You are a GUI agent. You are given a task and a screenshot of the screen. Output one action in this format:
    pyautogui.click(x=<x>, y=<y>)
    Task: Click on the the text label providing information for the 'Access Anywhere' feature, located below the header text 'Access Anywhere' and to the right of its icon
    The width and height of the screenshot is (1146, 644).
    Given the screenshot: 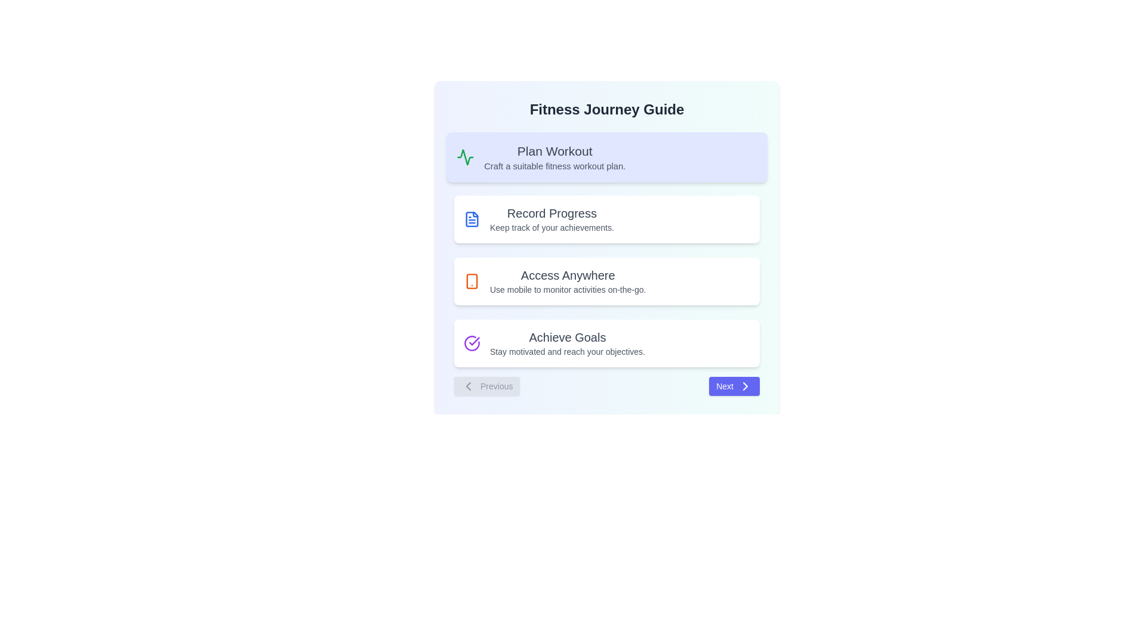 What is the action you would take?
    pyautogui.click(x=567, y=290)
    